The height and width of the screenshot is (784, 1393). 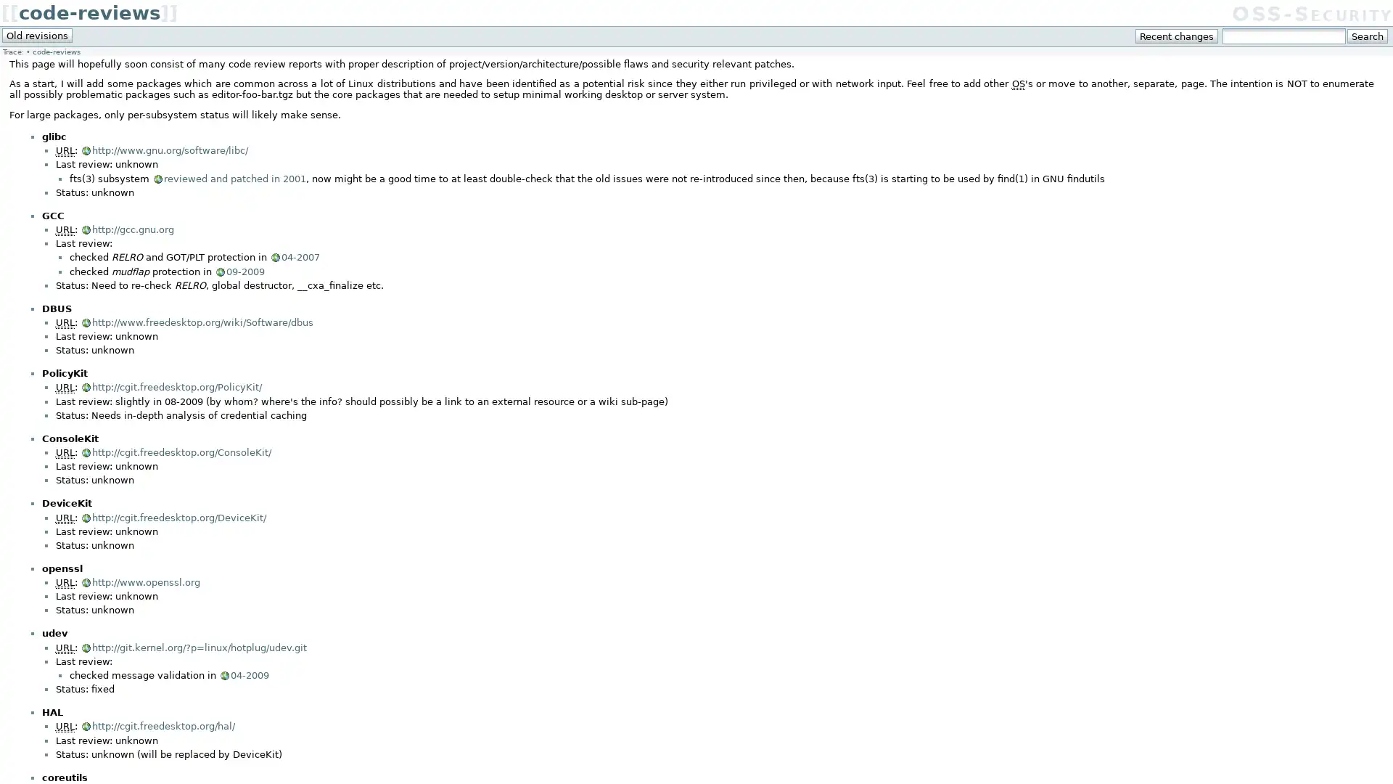 I want to click on Search, so click(x=1366, y=36).